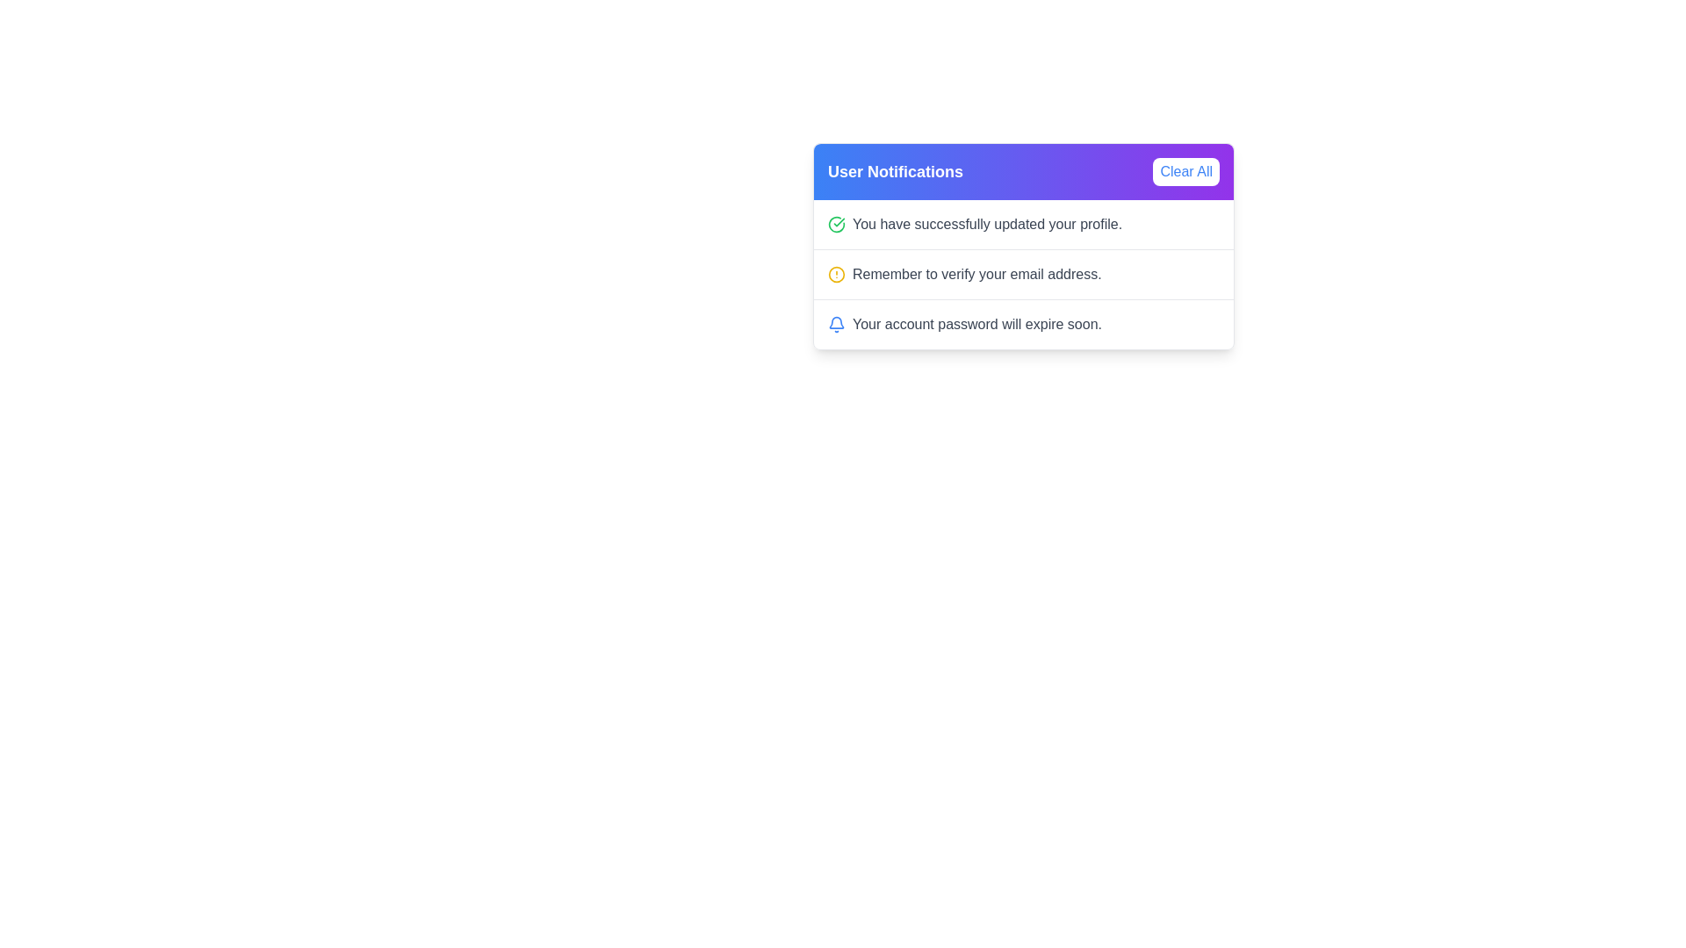 The width and height of the screenshot is (1686, 948). I want to click on the non-interactive Text Label indicating 'User Notifications', located in the left-hand side of the horizontal header bar, to the left of the 'Clear All' button, so click(896, 172).